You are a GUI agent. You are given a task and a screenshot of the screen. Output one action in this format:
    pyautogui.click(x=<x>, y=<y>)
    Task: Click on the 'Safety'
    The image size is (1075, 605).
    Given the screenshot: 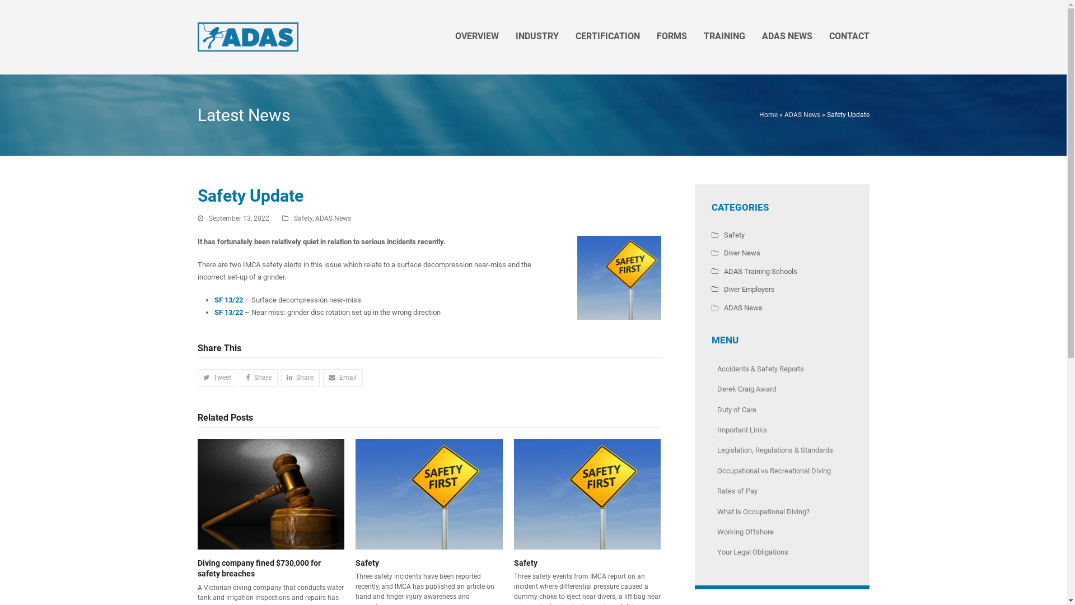 What is the action you would take?
    pyautogui.click(x=727, y=234)
    